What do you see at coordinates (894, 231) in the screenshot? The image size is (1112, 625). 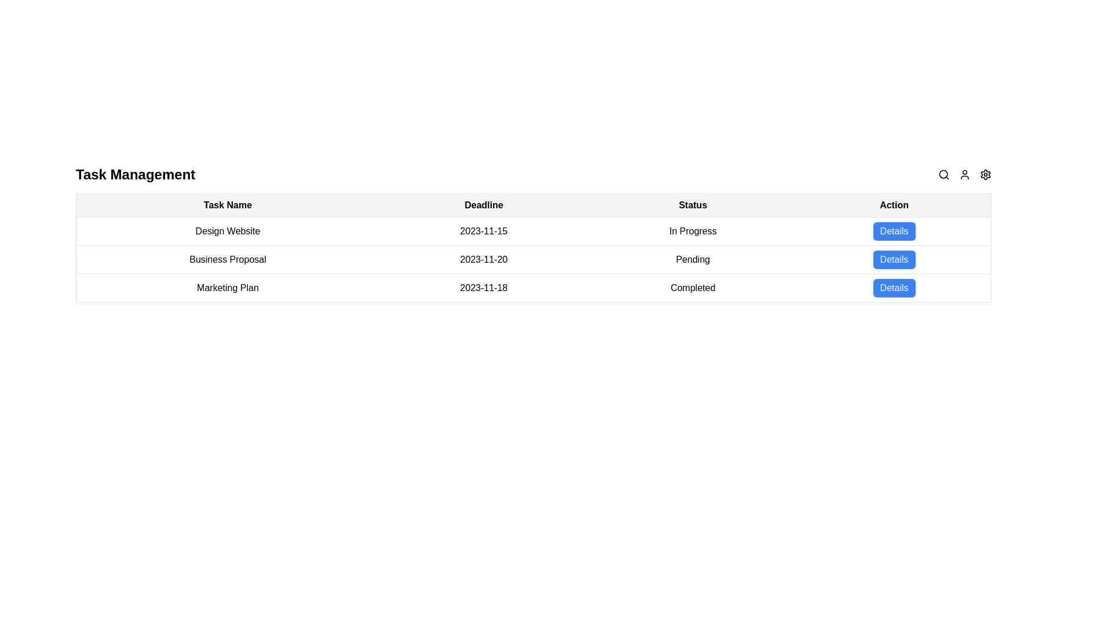 I see `the blue rectangular button labeled 'Details' with rounded edges, located under the 'Action' column corresponding to the task 'Design Website.'` at bounding box center [894, 231].